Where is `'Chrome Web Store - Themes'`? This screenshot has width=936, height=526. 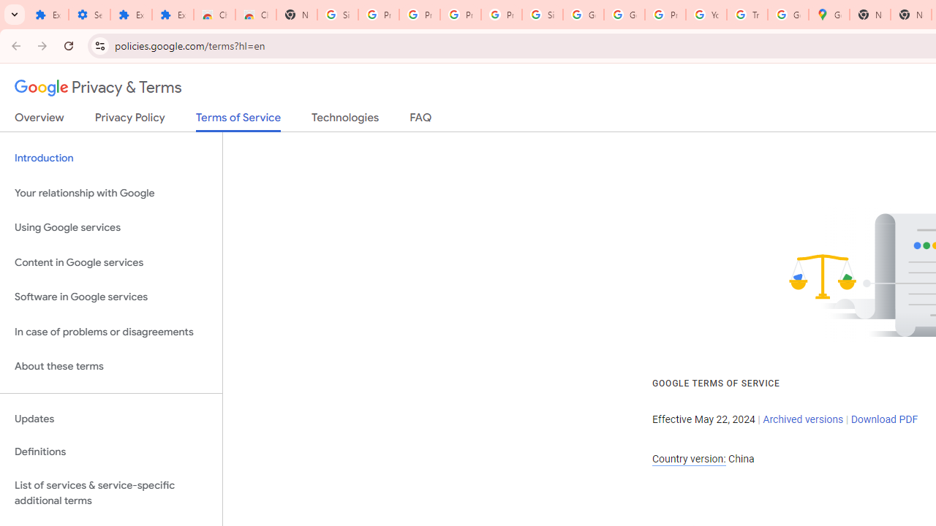 'Chrome Web Store - Themes' is located at coordinates (256, 15).